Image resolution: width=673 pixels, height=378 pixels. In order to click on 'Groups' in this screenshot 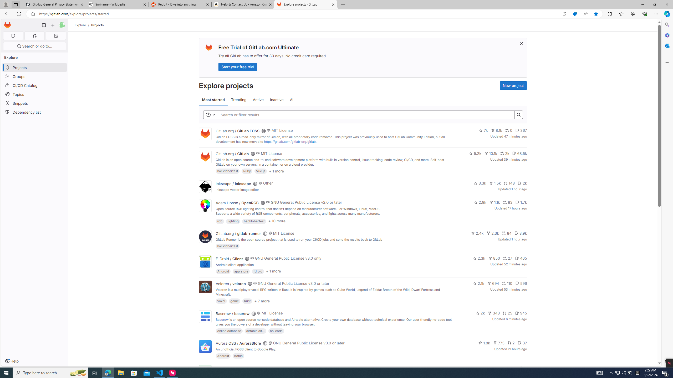, I will do `click(34, 76)`.